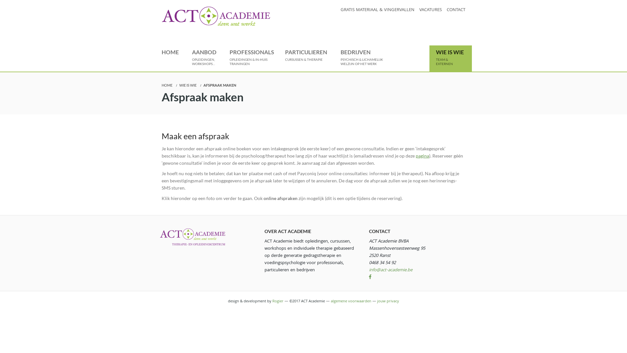 The width and height of the screenshot is (627, 353). Describe the element at coordinates (391, 270) in the screenshot. I see `'info@act-academie.be'` at that location.